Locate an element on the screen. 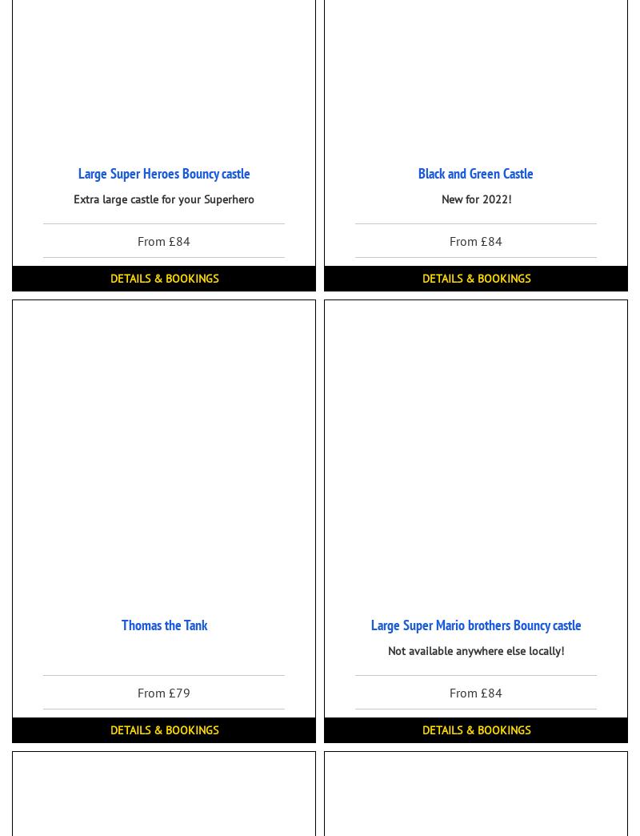  'Black and Green Castle' is located at coordinates (475, 173).